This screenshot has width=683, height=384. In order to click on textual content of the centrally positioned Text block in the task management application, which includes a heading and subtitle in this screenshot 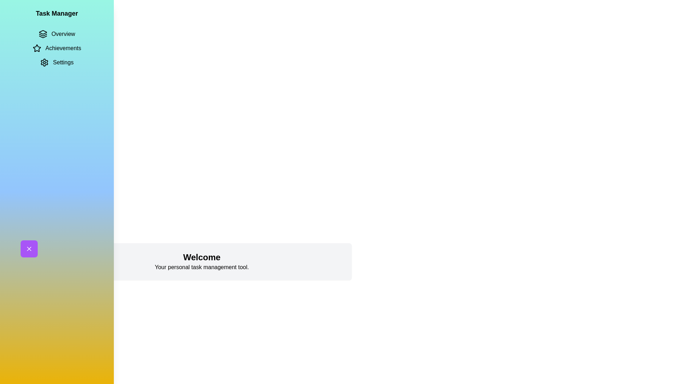, I will do `click(201, 262)`.